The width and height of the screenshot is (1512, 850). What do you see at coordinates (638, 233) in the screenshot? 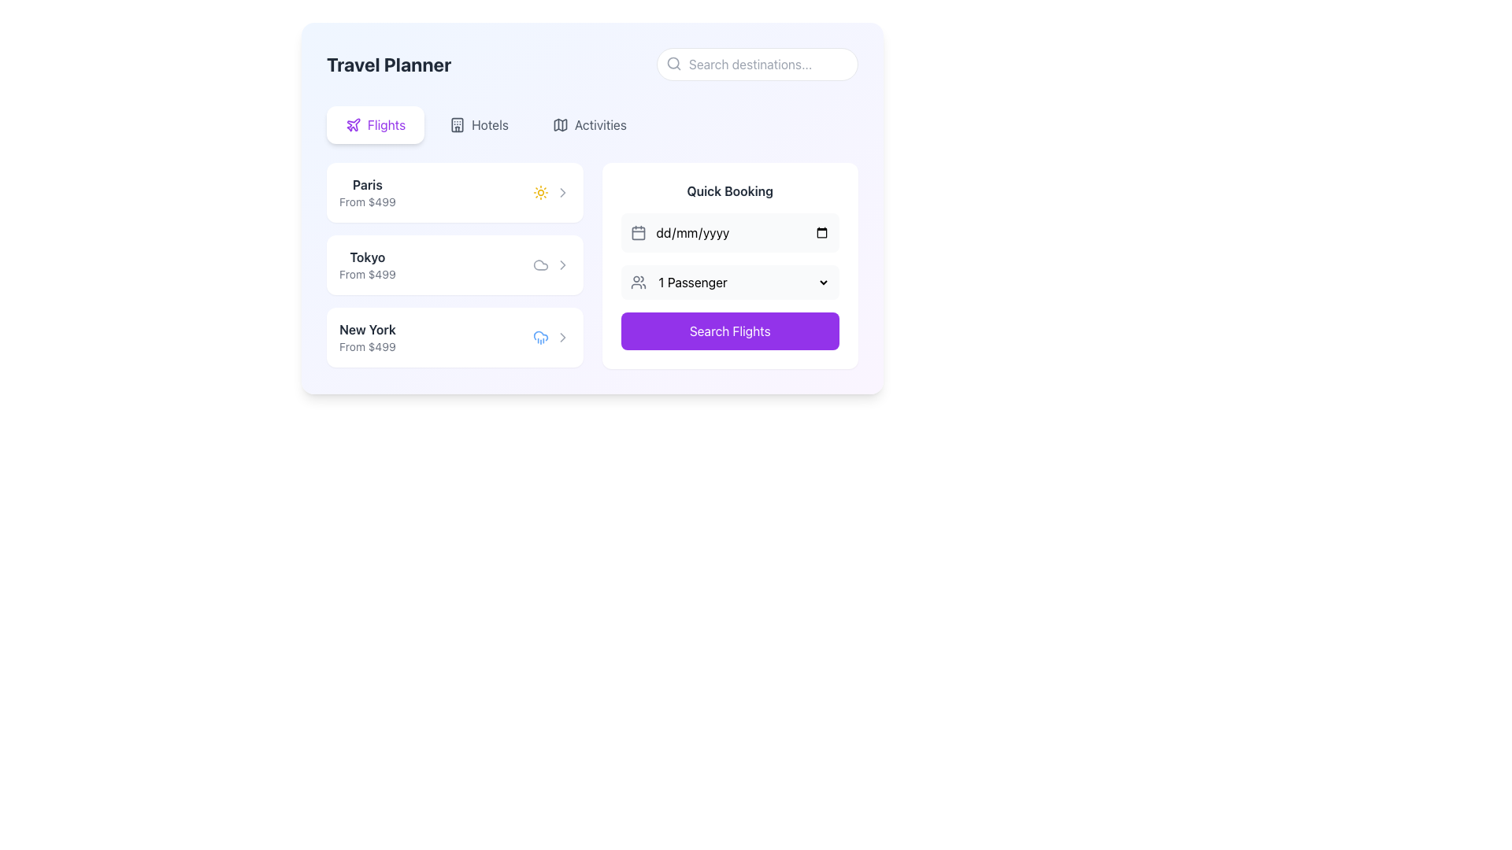
I see `the calendar icon within the 'Quick Booking' card` at bounding box center [638, 233].